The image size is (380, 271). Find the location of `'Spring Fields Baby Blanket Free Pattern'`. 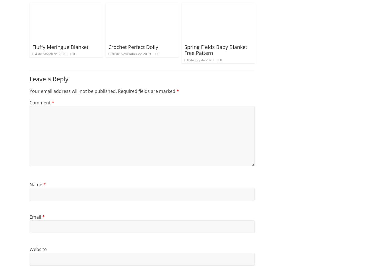

'Spring Fields Baby Blanket Free Pattern' is located at coordinates (215, 49).